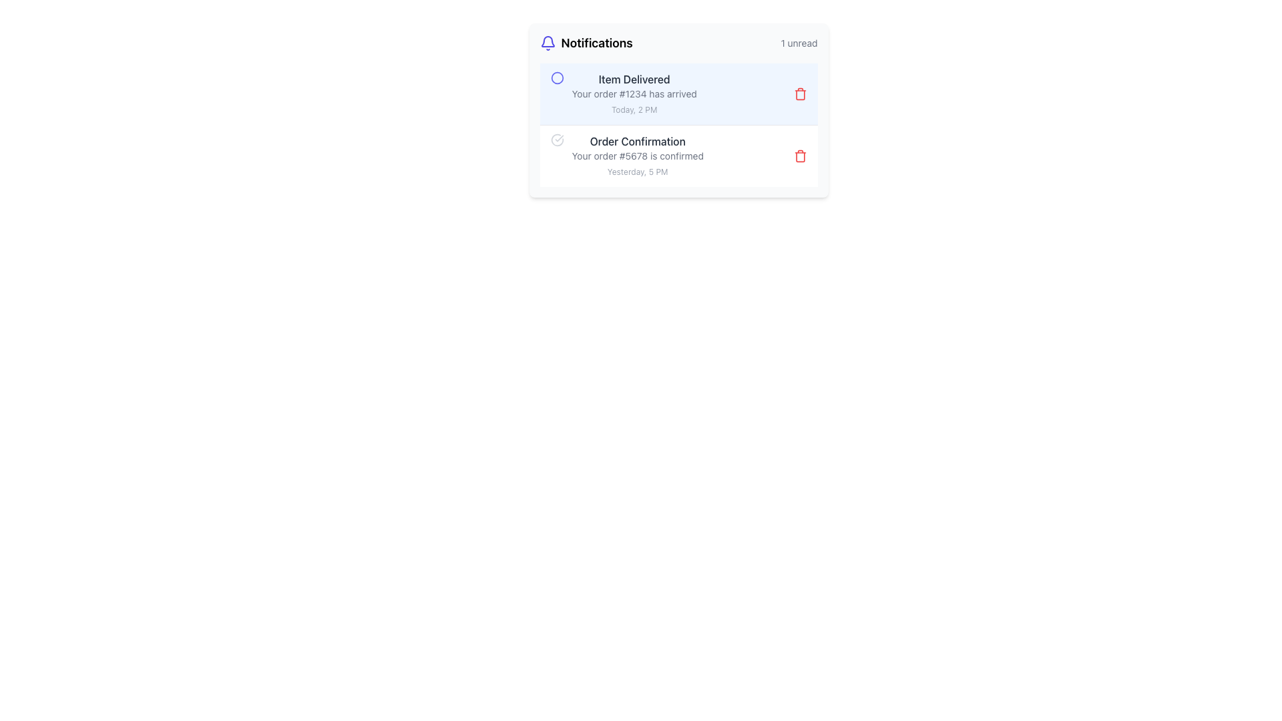 This screenshot has width=1282, height=721. What do you see at coordinates (637, 171) in the screenshot?
I see `timestamp text label located below the 'Your order #5678 is confirmed.' text in the 'Order Confirmation' notification card` at bounding box center [637, 171].